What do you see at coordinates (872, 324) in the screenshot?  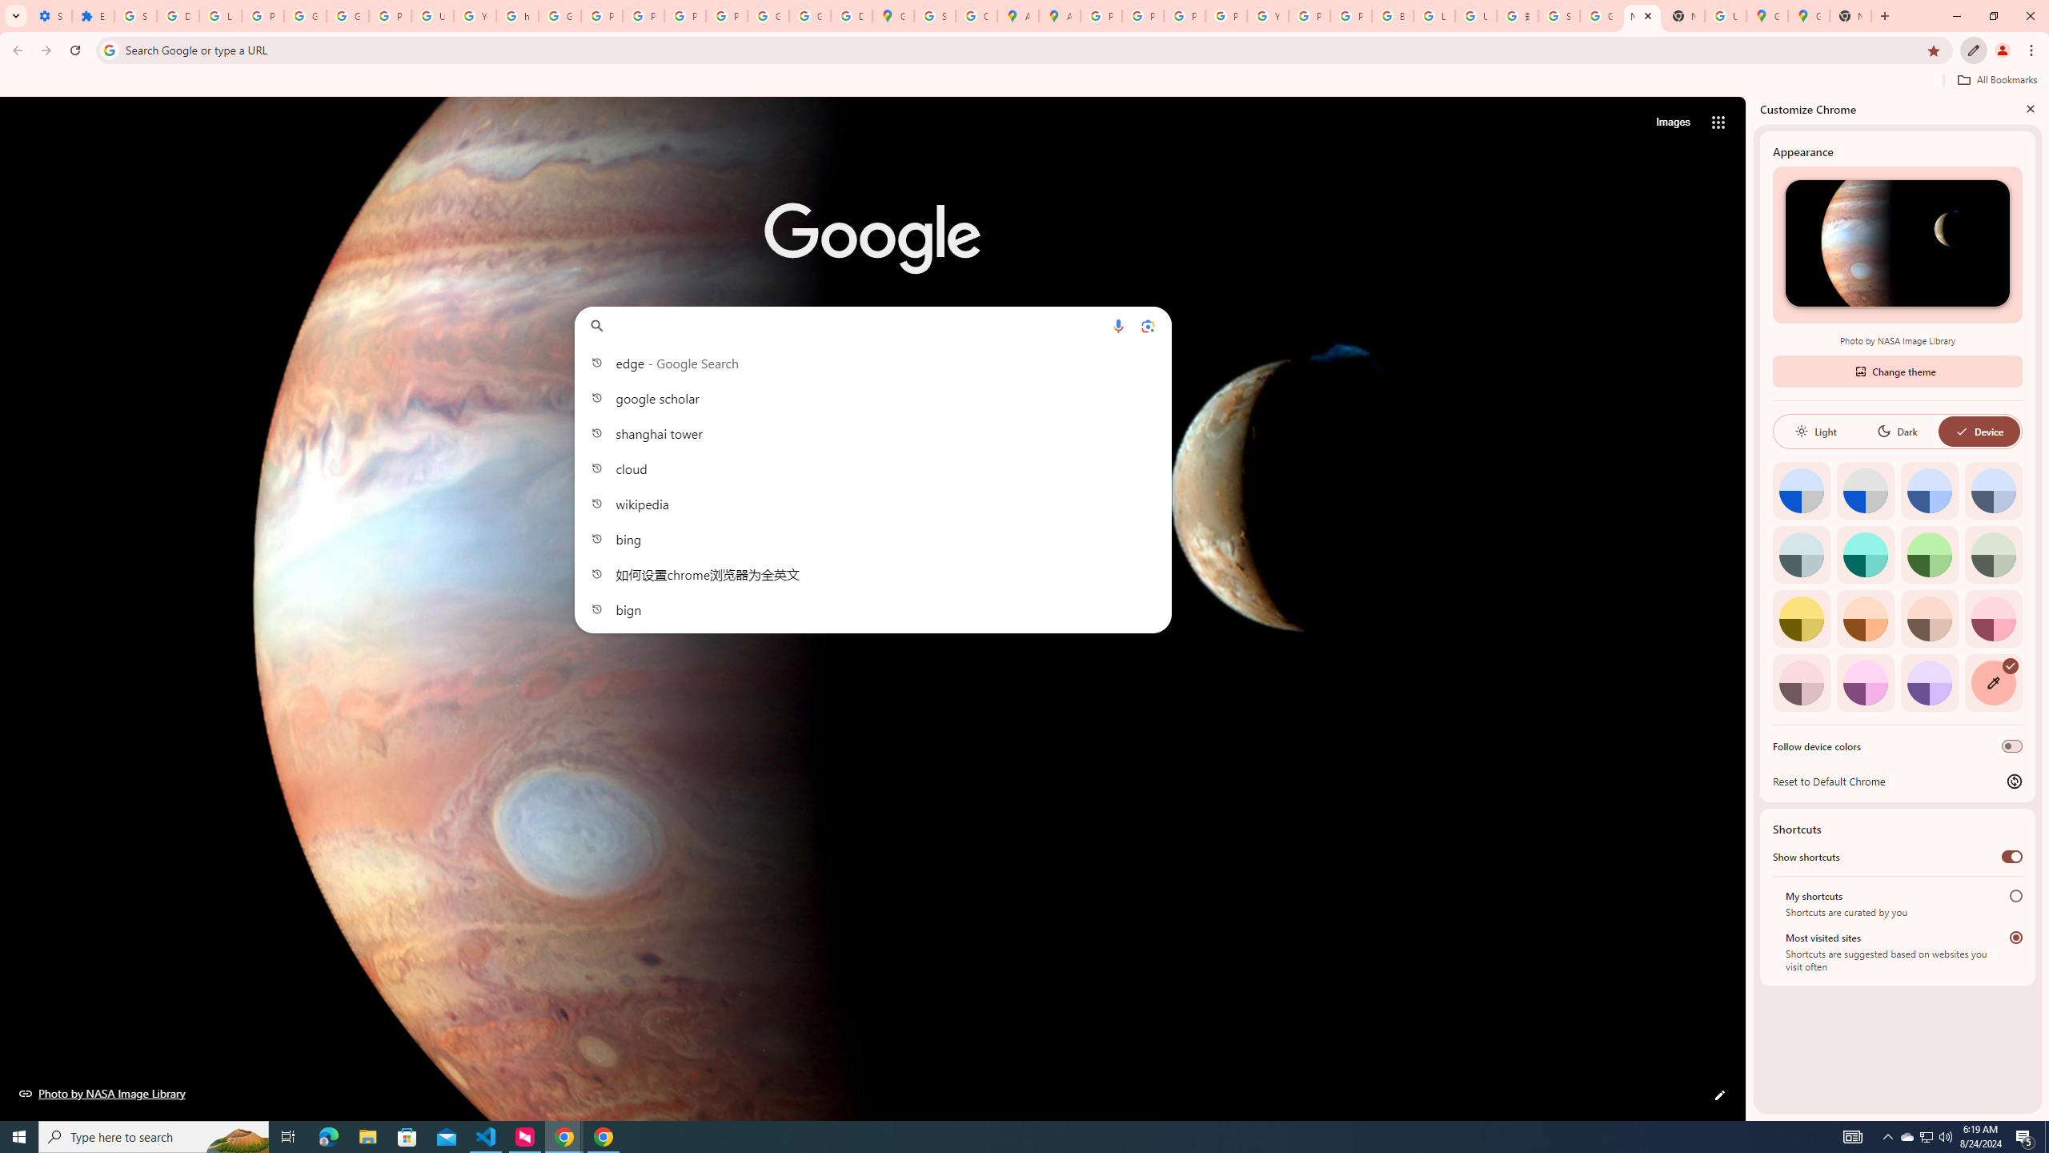 I see `'Search Google or type a URL'` at bounding box center [872, 324].